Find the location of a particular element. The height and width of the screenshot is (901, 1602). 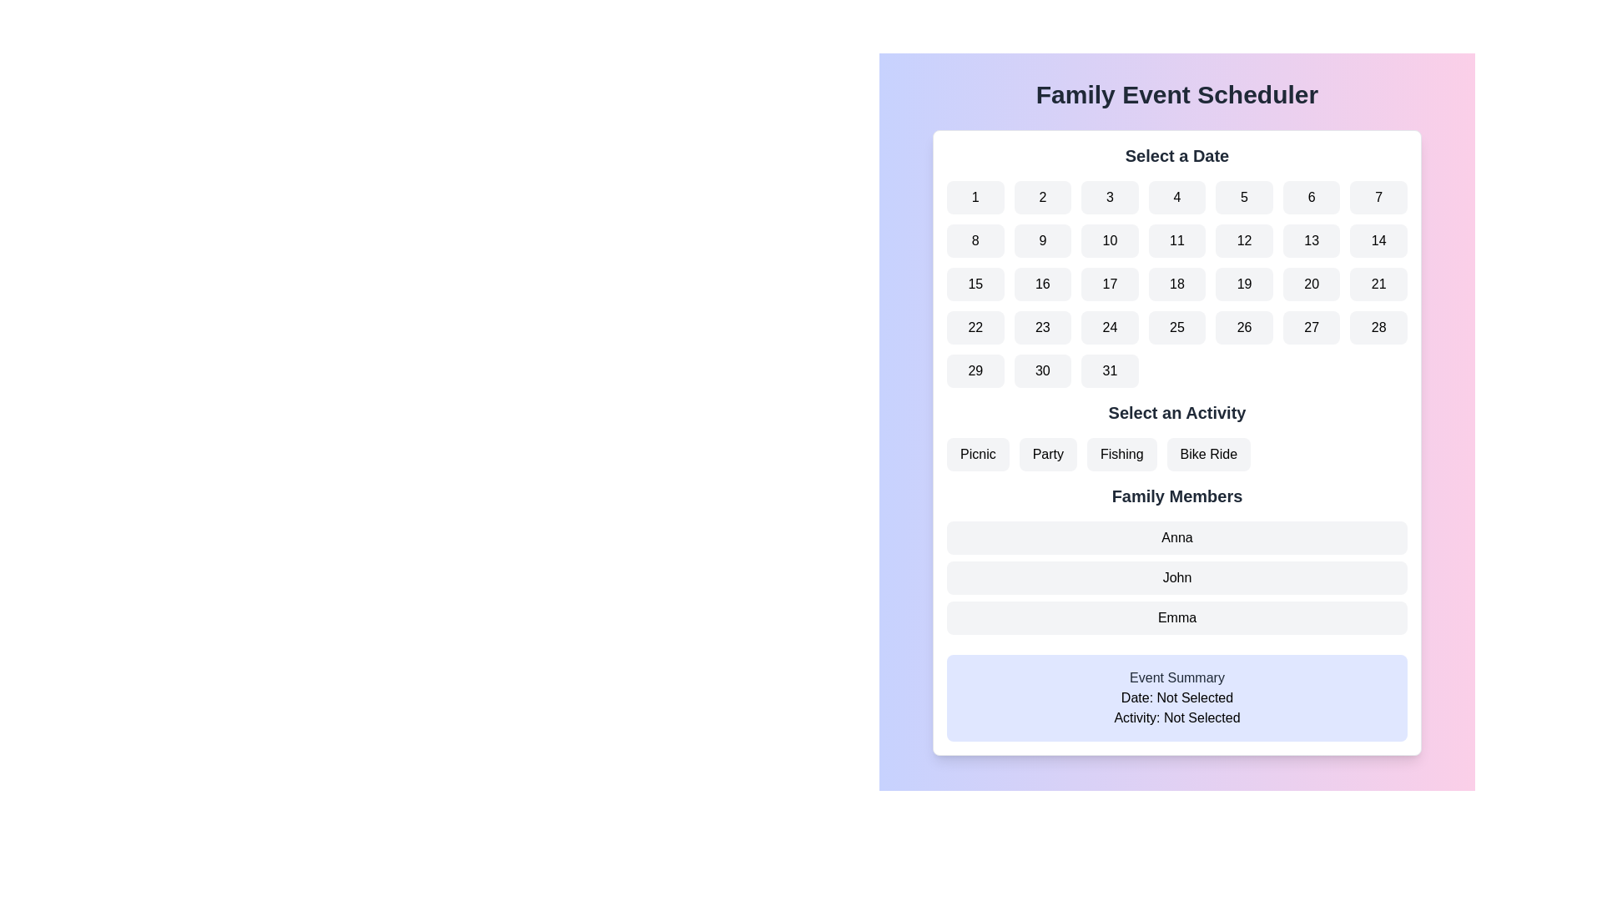

the button labeled '5' with rounded corners and a light gray background, located in the first row, fifth column under the 'Select a Date' heading is located at coordinates (1244, 196).